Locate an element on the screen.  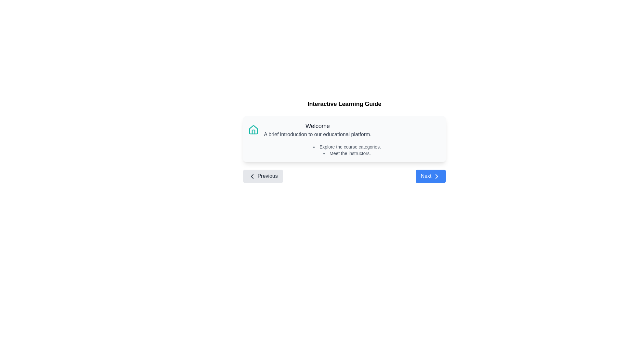
the house icon, which is a teal-colored line art graphical representation located at the top-left corner of a card-like panel in the welcome section is located at coordinates (253, 129).